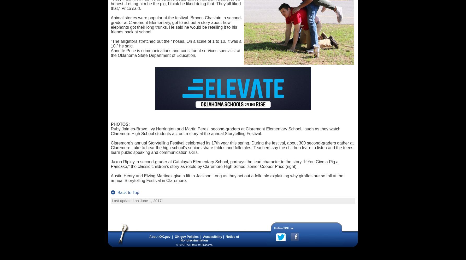 This screenshot has height=260, width=466. I want to click on 'Back to Top', so click(127, 192).